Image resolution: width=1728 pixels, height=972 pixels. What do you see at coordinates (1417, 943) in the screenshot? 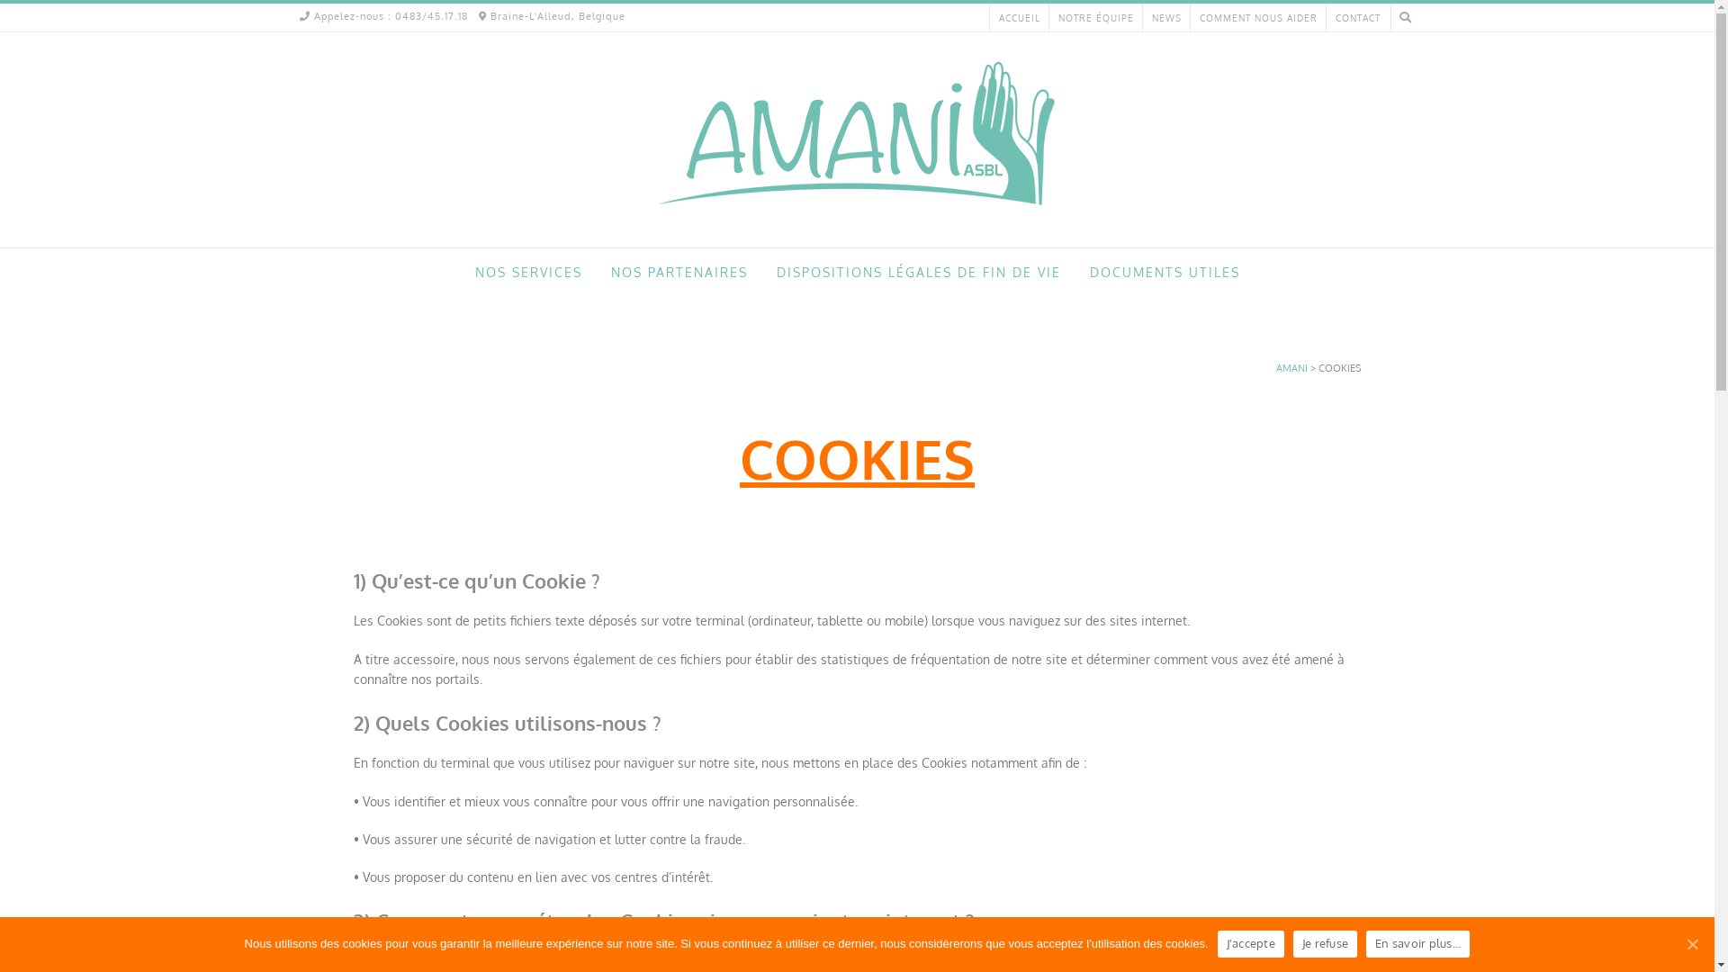
I see `'En savoir plus...'` at bounding box center [1417, 943].